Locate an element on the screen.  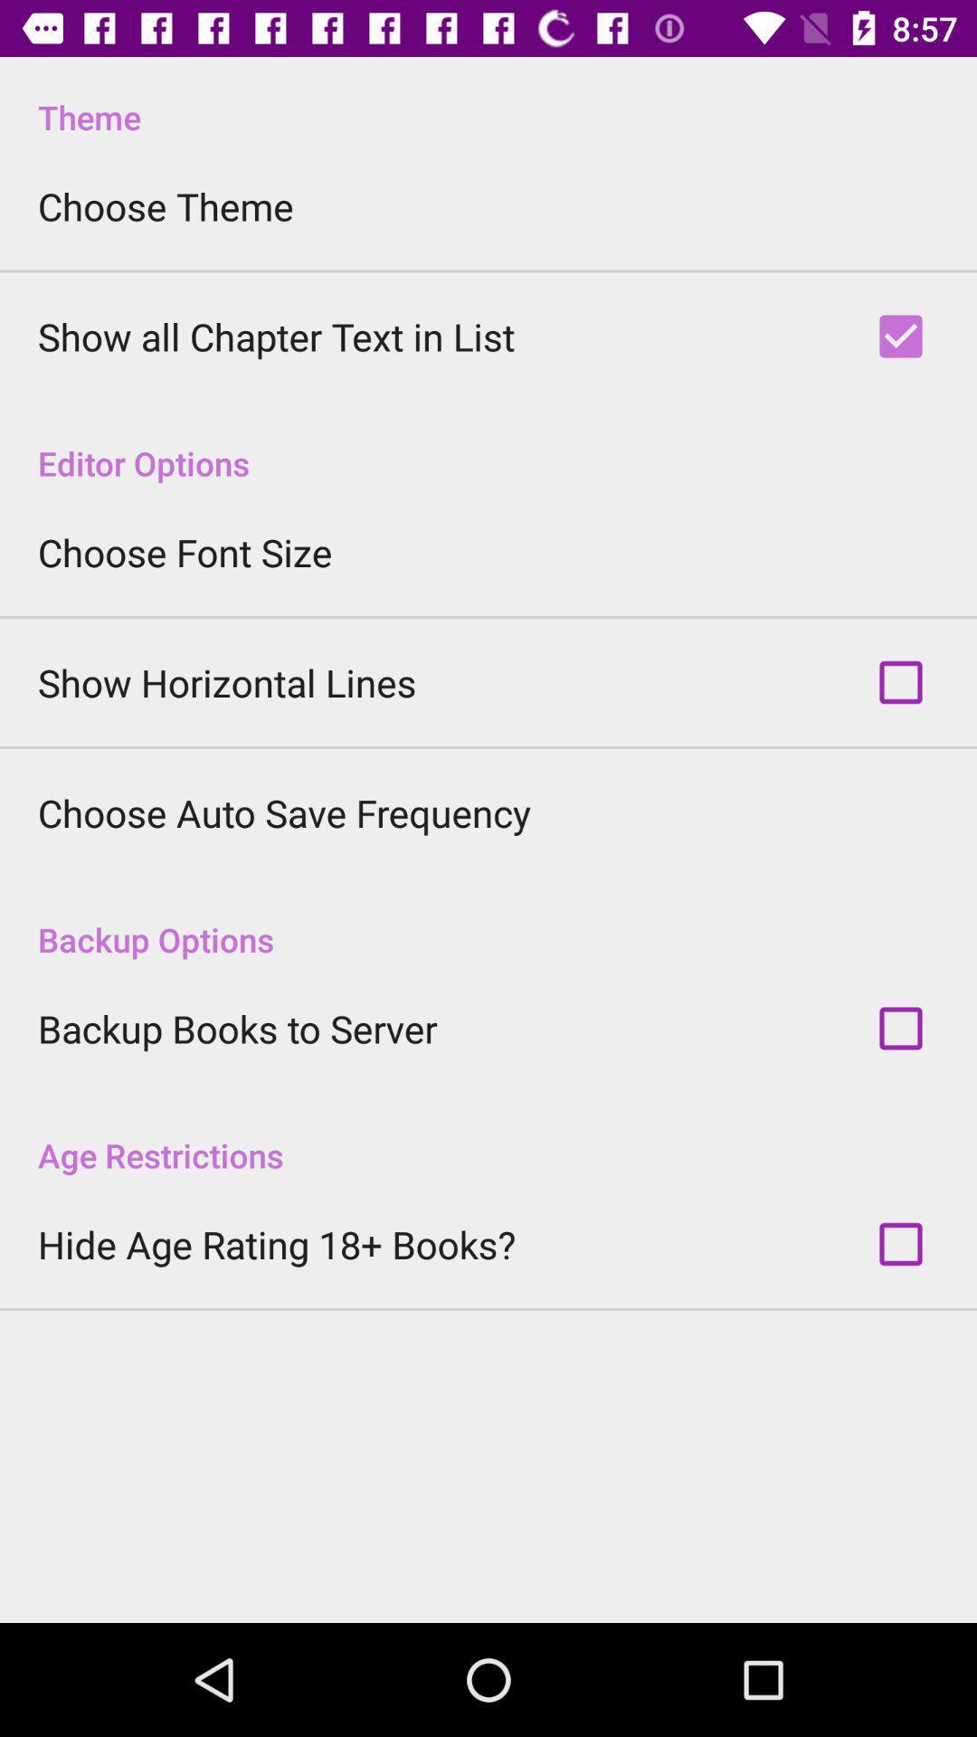
the choose theme app is located at coordinates (166, 206).